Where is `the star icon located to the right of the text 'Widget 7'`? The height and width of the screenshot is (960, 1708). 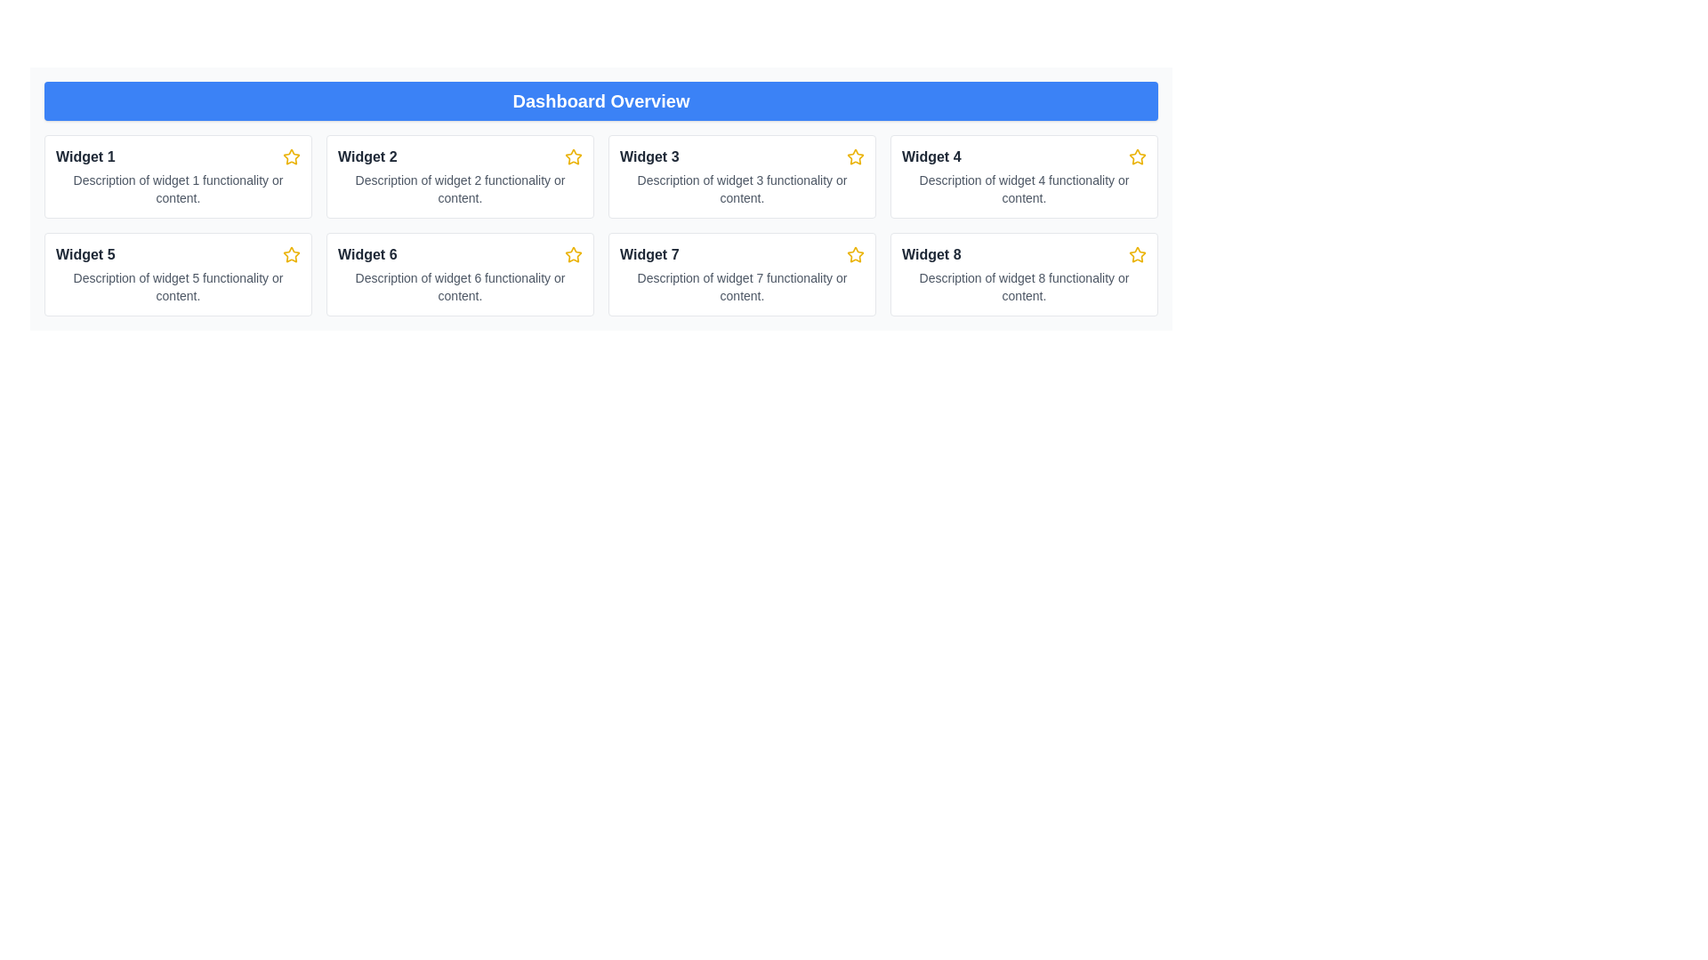
the star icon located to the right of the text 'Widget 7' is located at coordinates (855, 254).